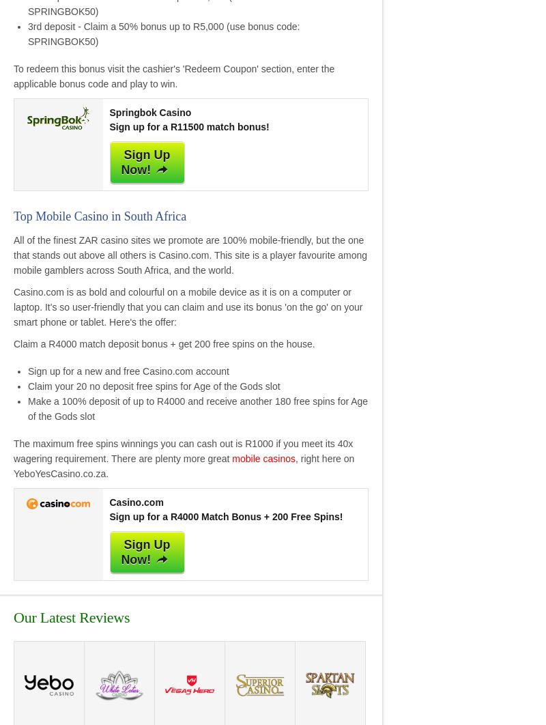 This screenshot has width=546, height=725. What do you see at coordinates (154, 385) in the screenshot?
I see `'Claim your 20 no deposit free spins for Age of the Gods slot'` at bounding box center [154, 385].